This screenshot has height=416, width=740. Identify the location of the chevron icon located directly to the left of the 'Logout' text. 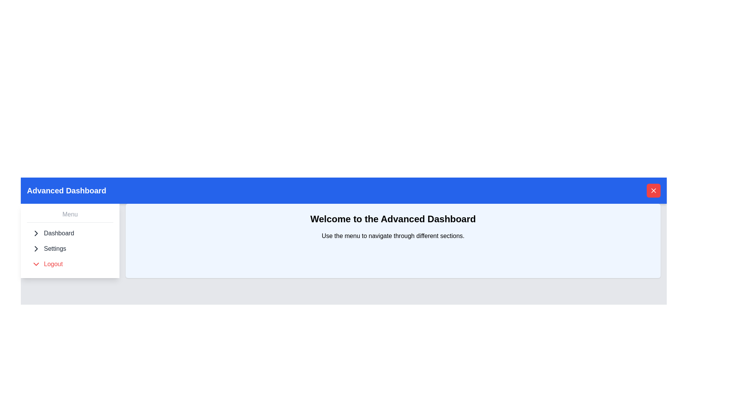
(36, 264).